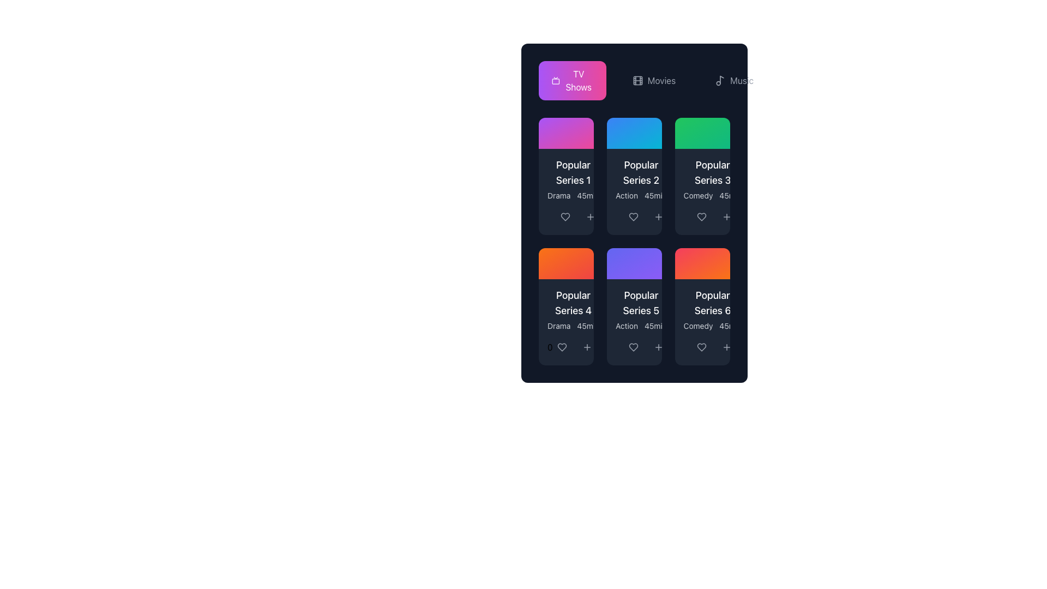  What do you see at coordinates (573, 309) in the screenshot?
I see `the Information Card located in the second row, first column of the grid, which displays a series title, genre, and duration` at bounding box center [573, 309].